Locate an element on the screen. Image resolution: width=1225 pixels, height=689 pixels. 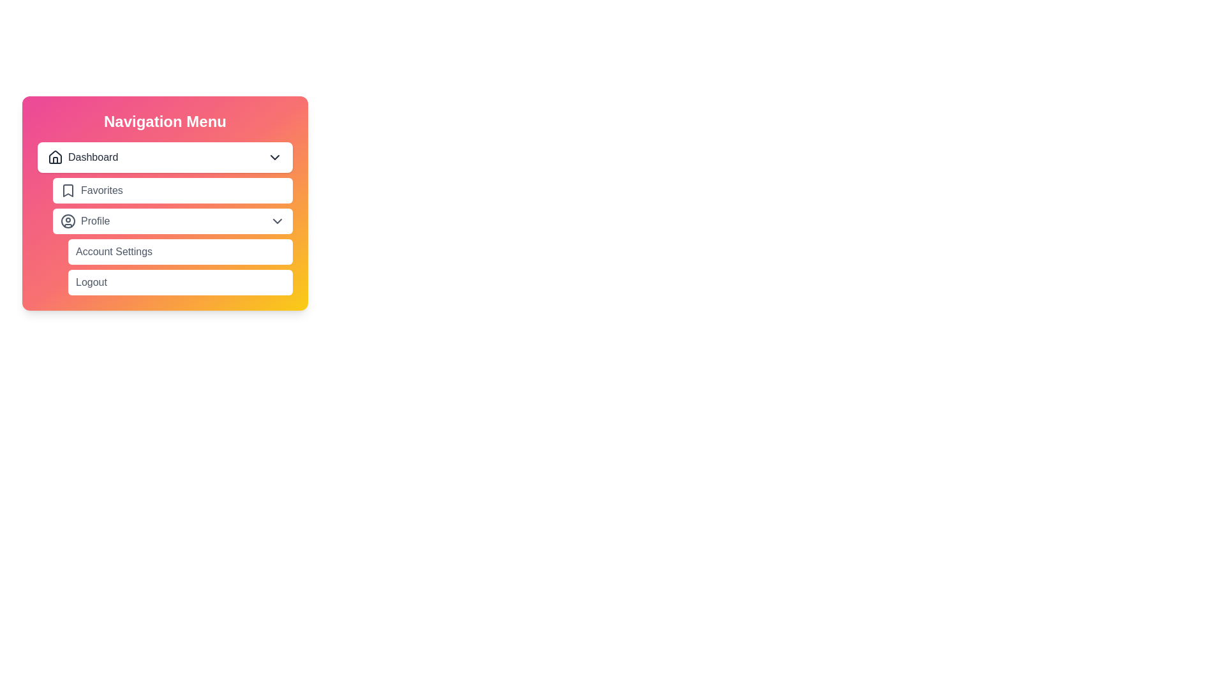
the bookmark icon located within the 'Favorites' menu item in the navigation menu by interacting with its center point is located at coordinates (67, 191).